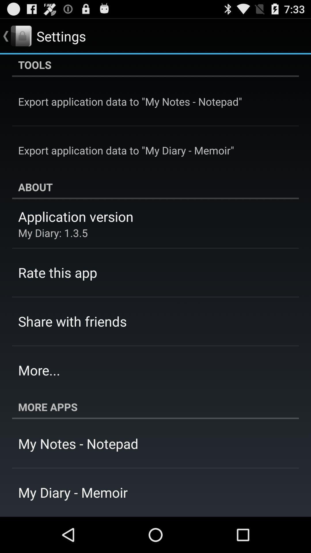 The image size is (311, 553). I want to click on about, so click(155, 187).